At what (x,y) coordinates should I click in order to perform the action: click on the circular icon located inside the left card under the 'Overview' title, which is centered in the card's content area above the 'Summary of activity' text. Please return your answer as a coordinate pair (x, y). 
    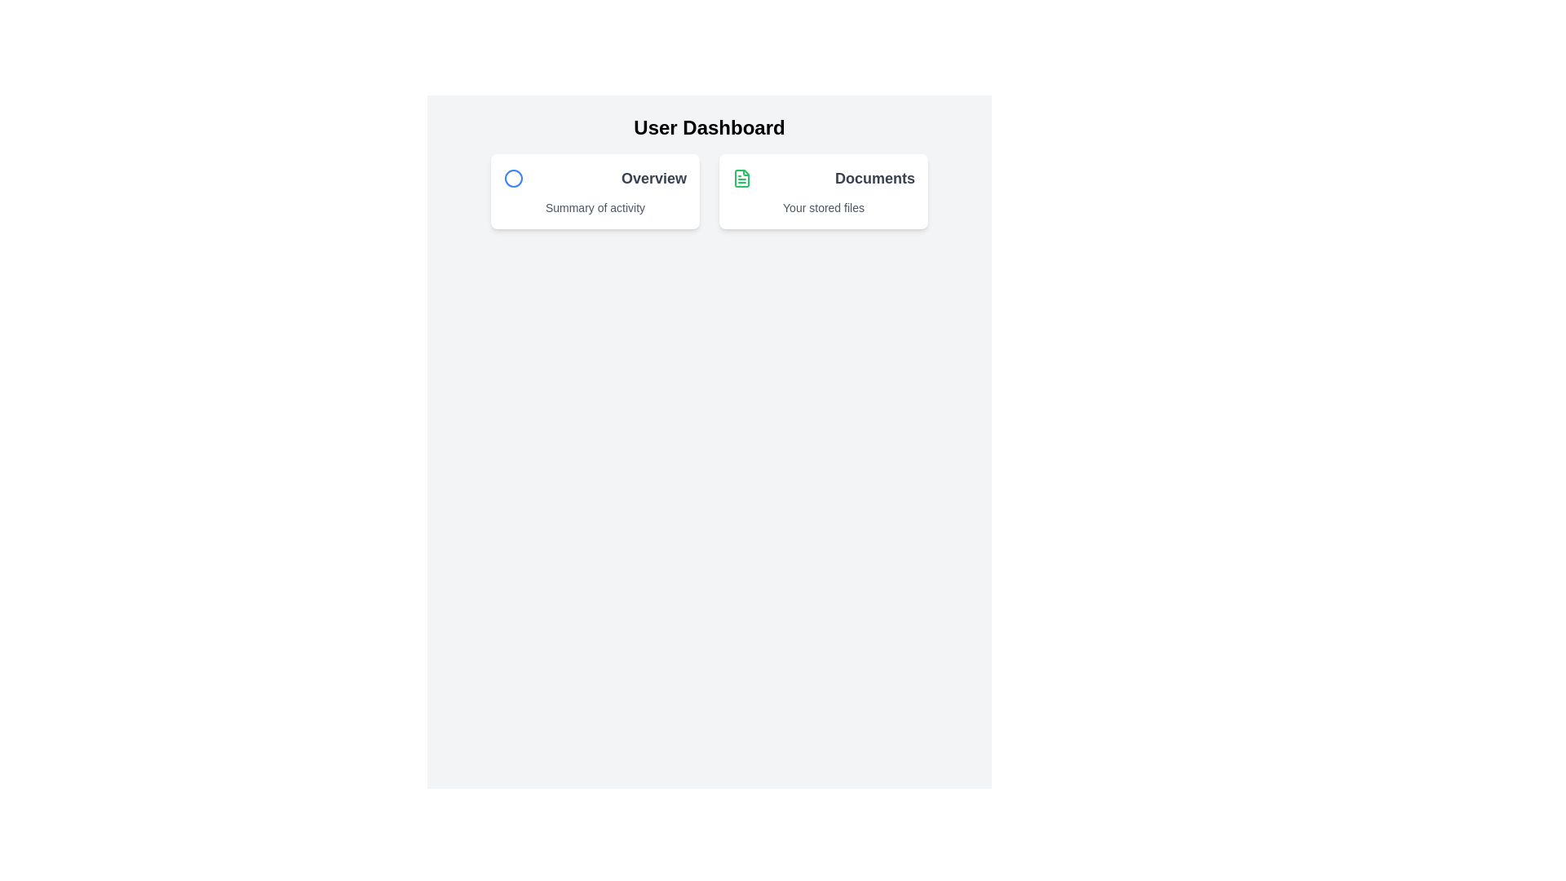
    Looking at the image, I should click on (512, 179).